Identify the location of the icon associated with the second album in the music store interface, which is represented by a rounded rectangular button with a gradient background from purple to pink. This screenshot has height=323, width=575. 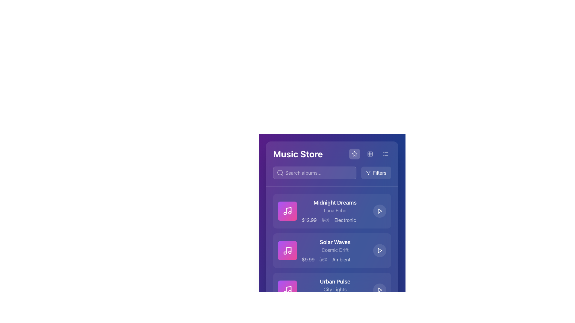
(287, 250).